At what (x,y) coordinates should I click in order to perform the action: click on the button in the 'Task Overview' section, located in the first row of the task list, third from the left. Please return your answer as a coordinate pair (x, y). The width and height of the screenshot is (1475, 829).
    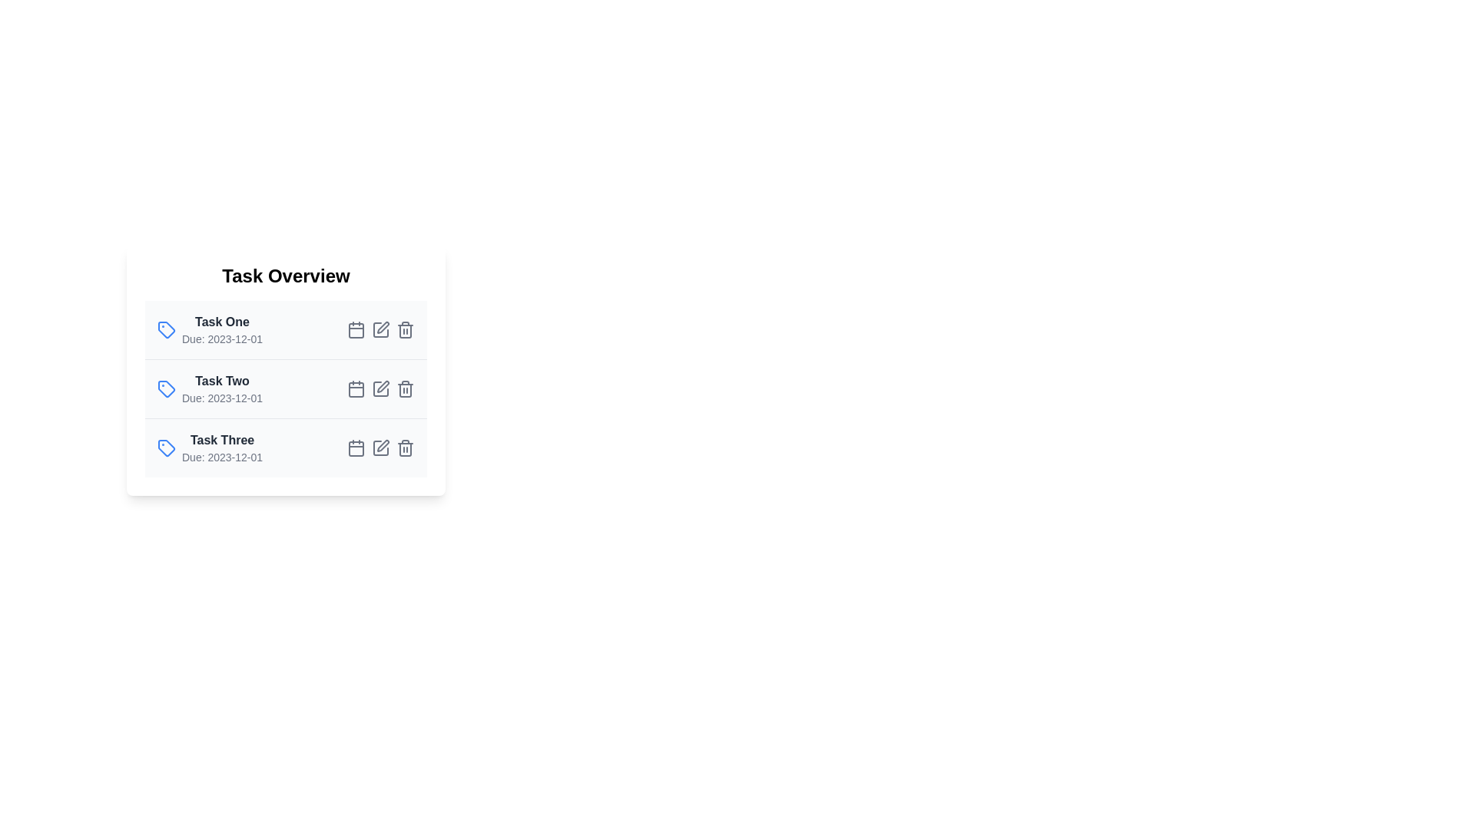
    Looking at the image, I should click on (356, 329).